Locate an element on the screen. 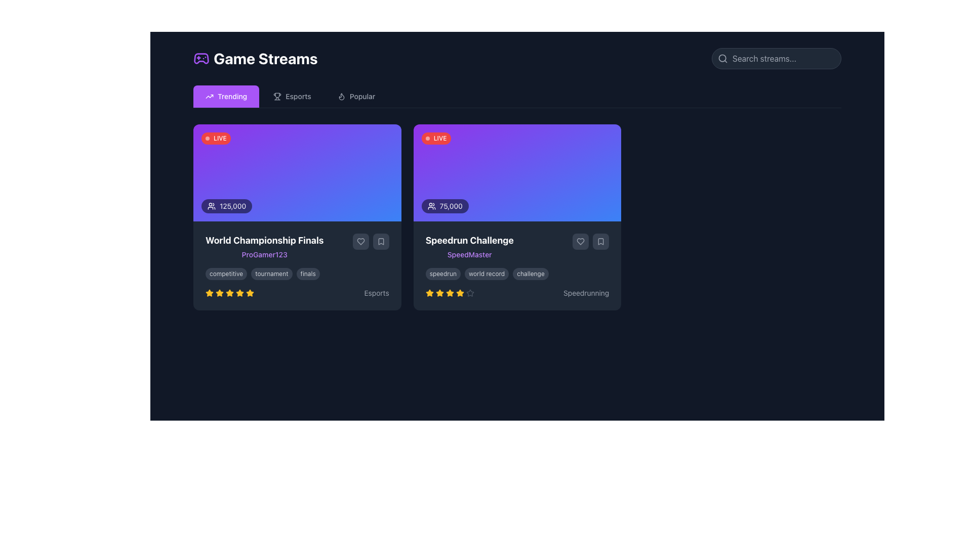  the search bar icon represented by the circular lens of the magnifying glass located on the far right side of the header, just before the text input field is located at coordinates (722, 58).